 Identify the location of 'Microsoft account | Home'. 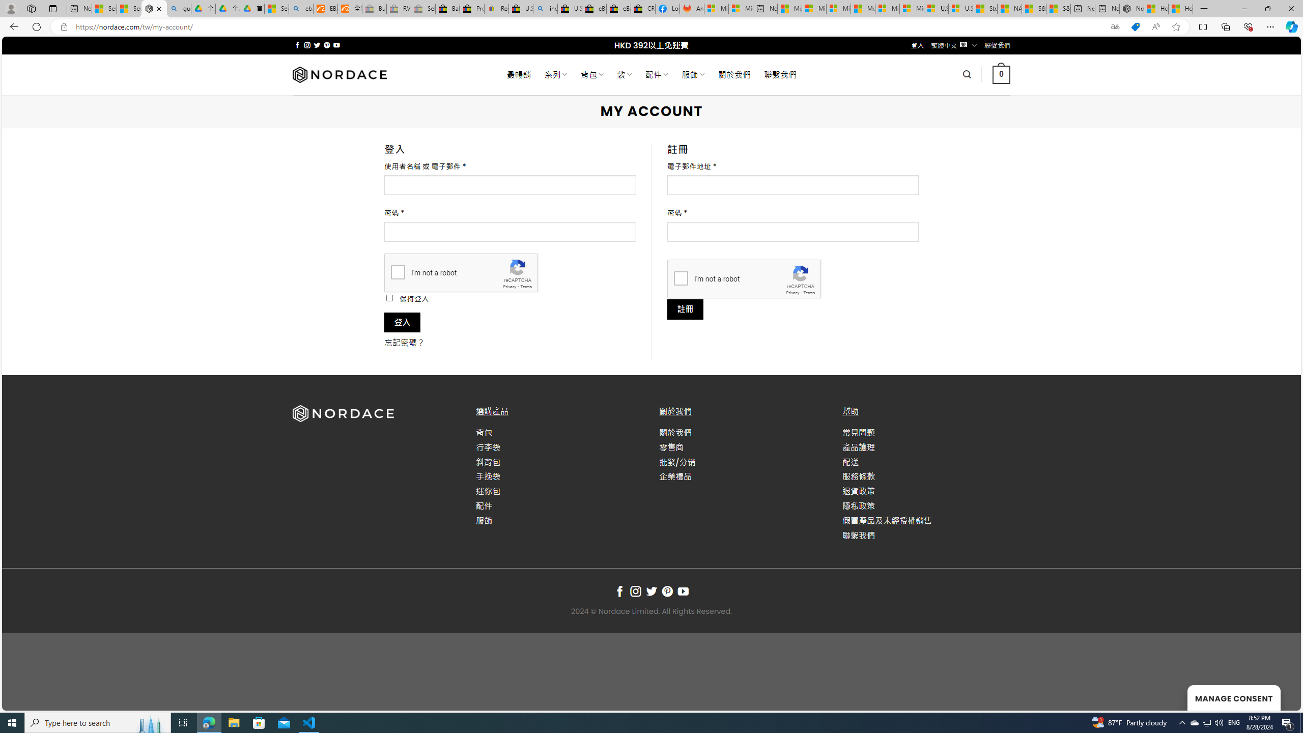
(838, 8).